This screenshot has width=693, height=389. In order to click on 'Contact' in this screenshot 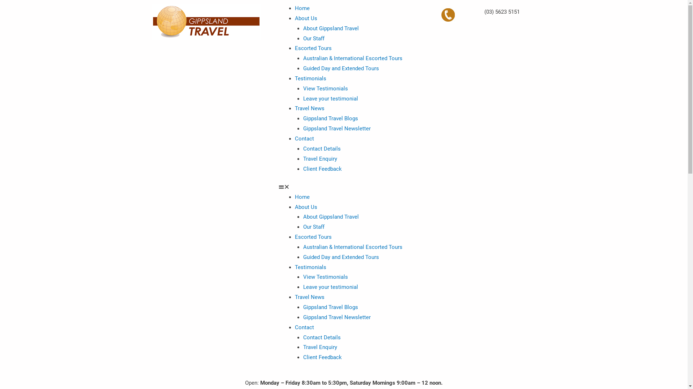, I will do `click(304, 139)`.